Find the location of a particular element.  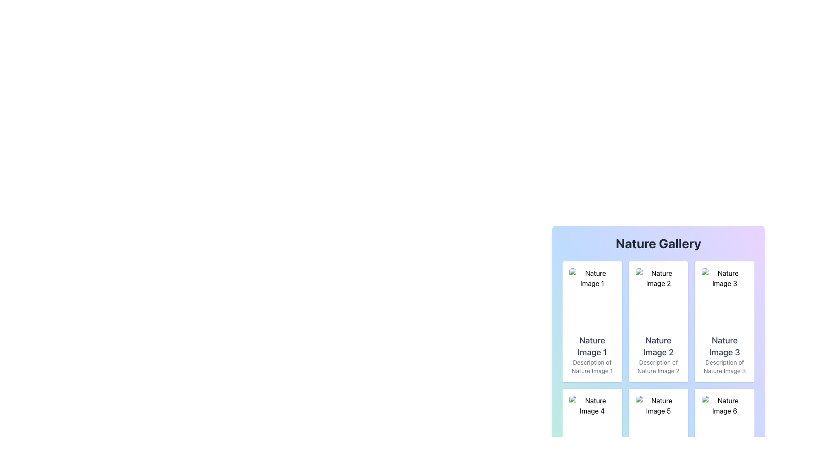

the 'Nature Image 3' card is located at coordinates (724, 321).